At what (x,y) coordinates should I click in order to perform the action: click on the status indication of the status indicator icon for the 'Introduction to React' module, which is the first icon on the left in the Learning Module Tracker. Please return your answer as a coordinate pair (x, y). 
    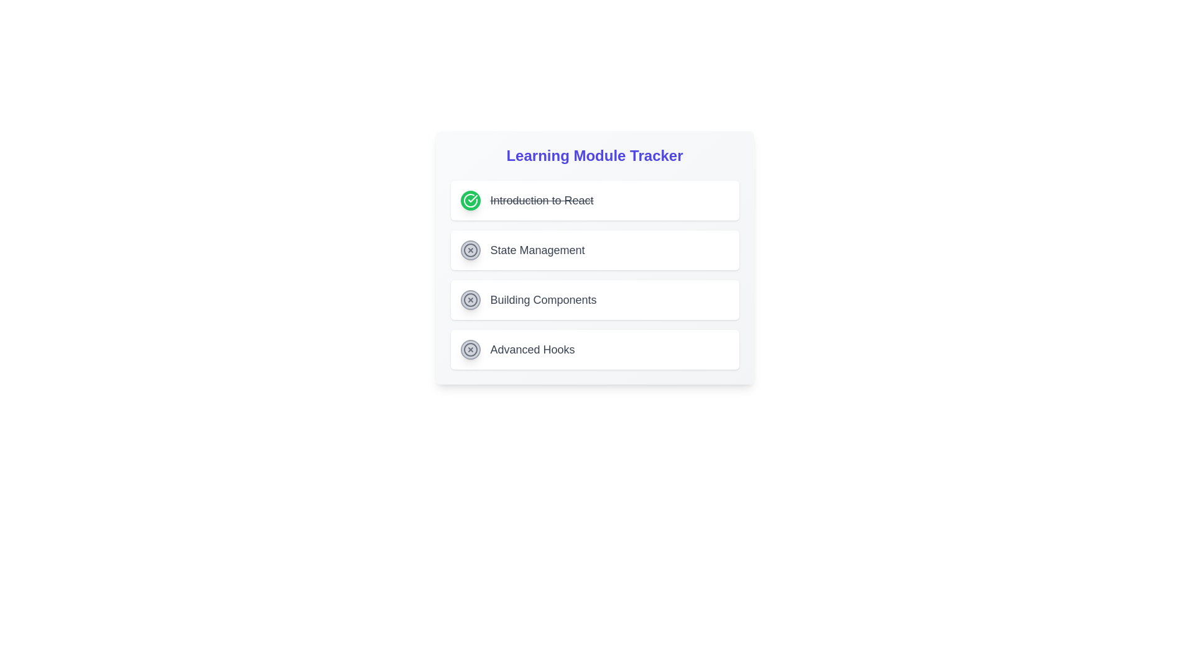
    Looking at the image, I should click on (470, 200).